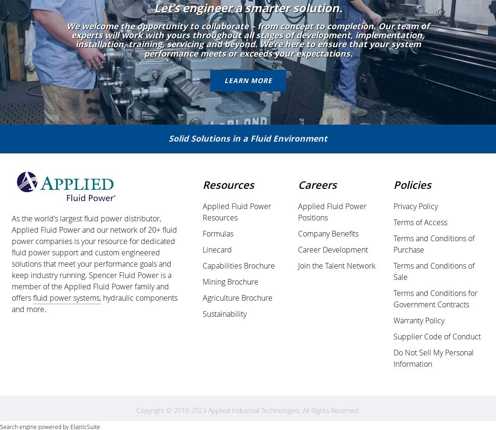 The image size is (496, 430). I want to click on 'Let’s engineer a smarter solution.', so click(247, 8).